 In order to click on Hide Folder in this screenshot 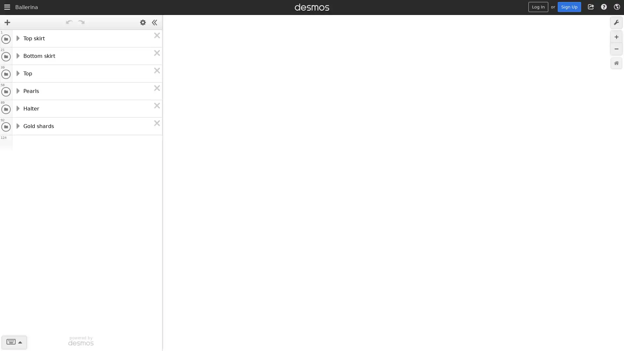, I will do `click(6, 91)`.